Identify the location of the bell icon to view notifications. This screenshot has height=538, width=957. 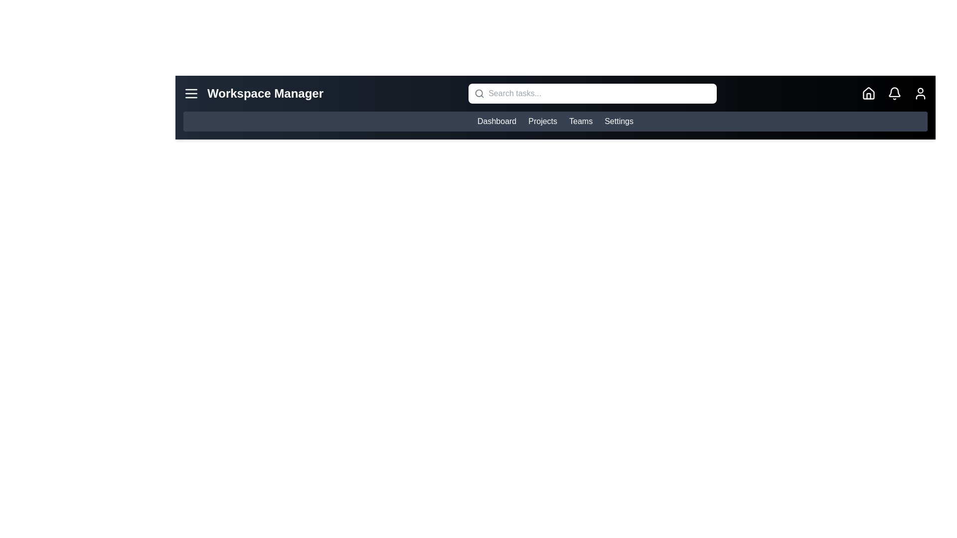
(895, 94).